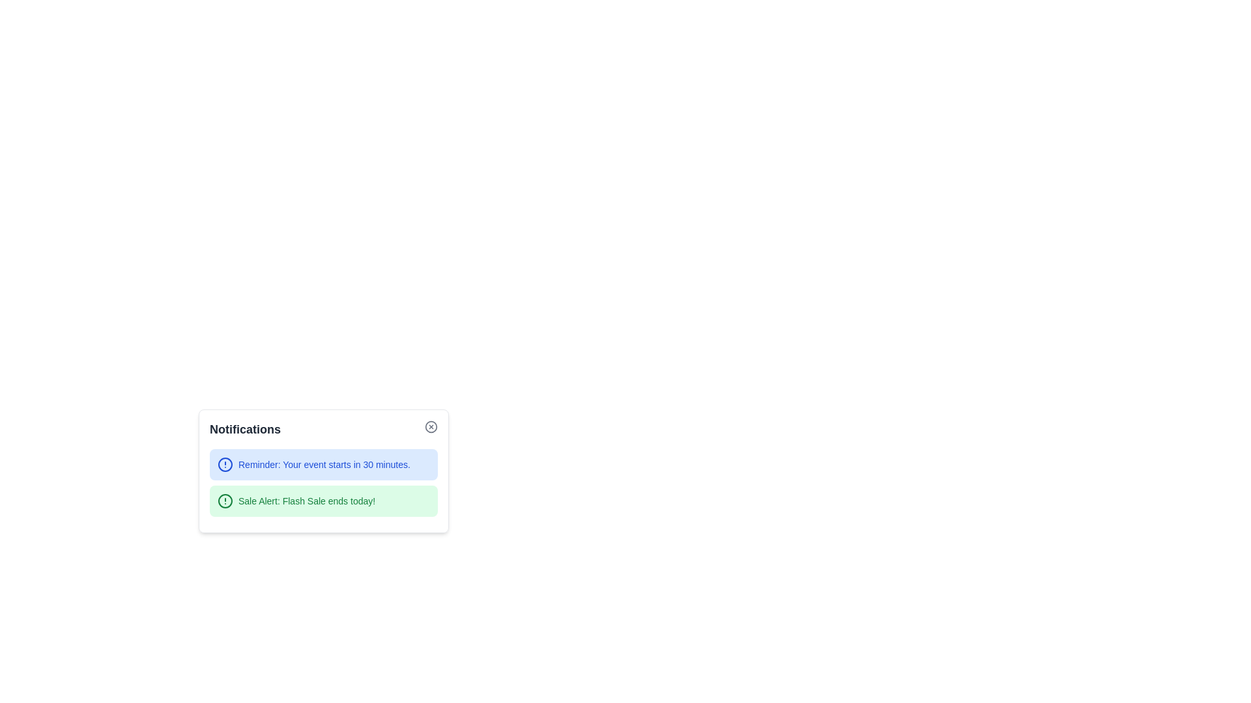  Describe the element at coordinates (225, 501) in the screenshot. I see `the circular icon that indicates the notification message 'Sale Alert: Flash Sale ends today!', located adjacent to the text on the left-hand side` at that location.